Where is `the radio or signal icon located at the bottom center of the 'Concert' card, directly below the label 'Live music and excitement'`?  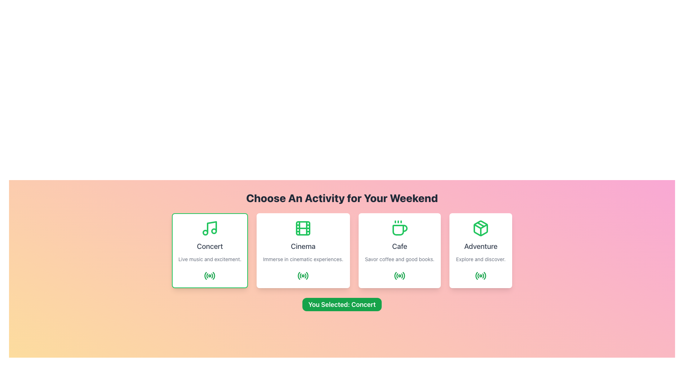 the radio or signal icon located at the bottom center of the 'Concert' card, directly below the label 'Live music and excitement' is located at coordinates (209, 276).